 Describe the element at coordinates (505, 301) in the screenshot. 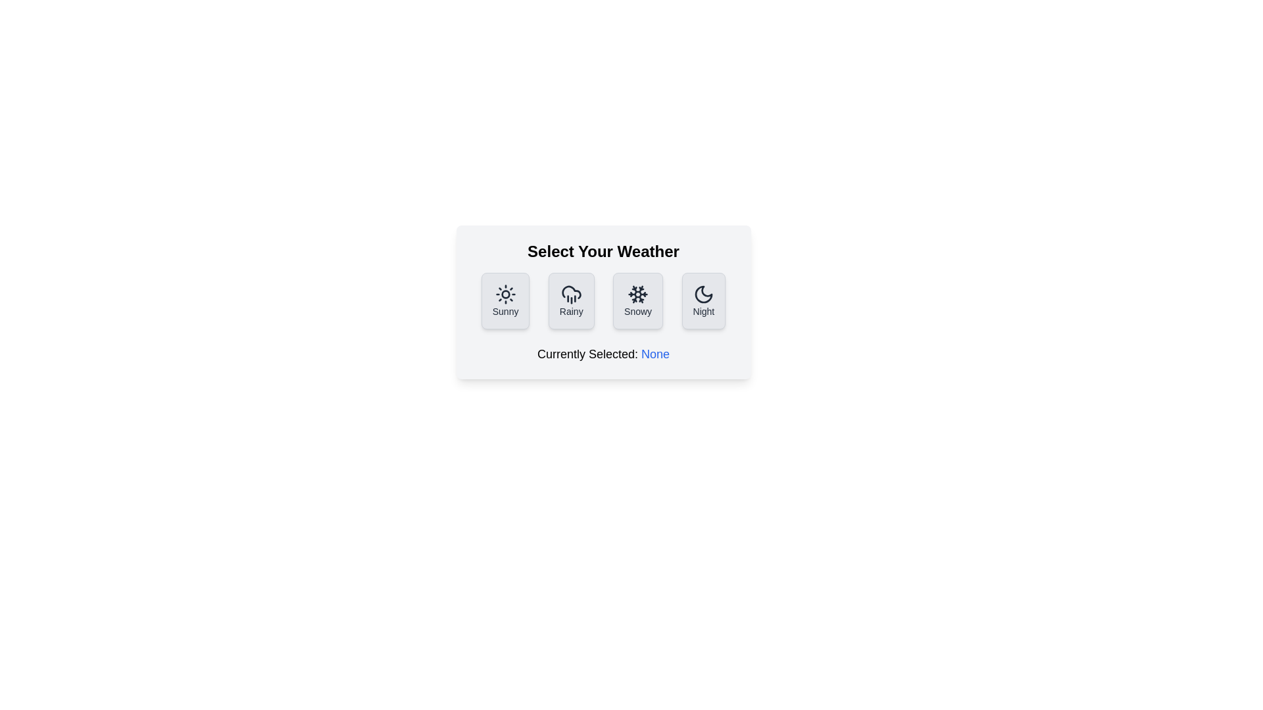

I see `the 'Sunny' interactive button, which is the first button from the left among four similar buttons below the heading 'Select Your Weather'` at that location.